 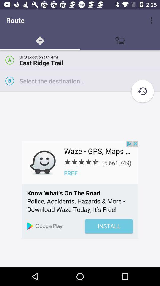 I want to click on waze gps installation, so click(x=80, y=189).